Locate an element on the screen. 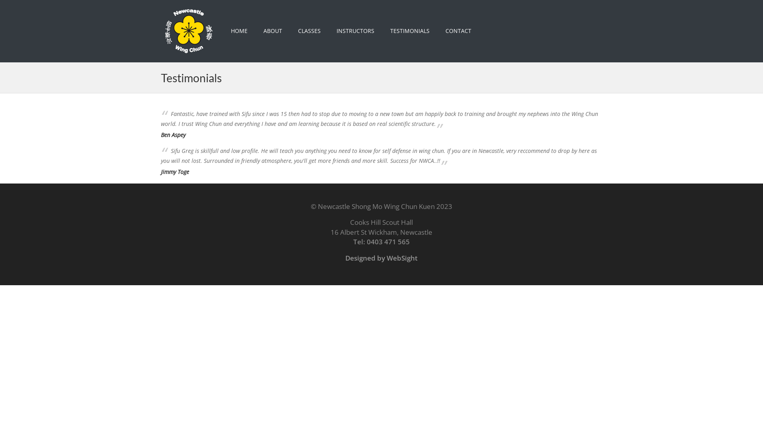  'TESTIMONIALS' is located at coordinates (410, 31).